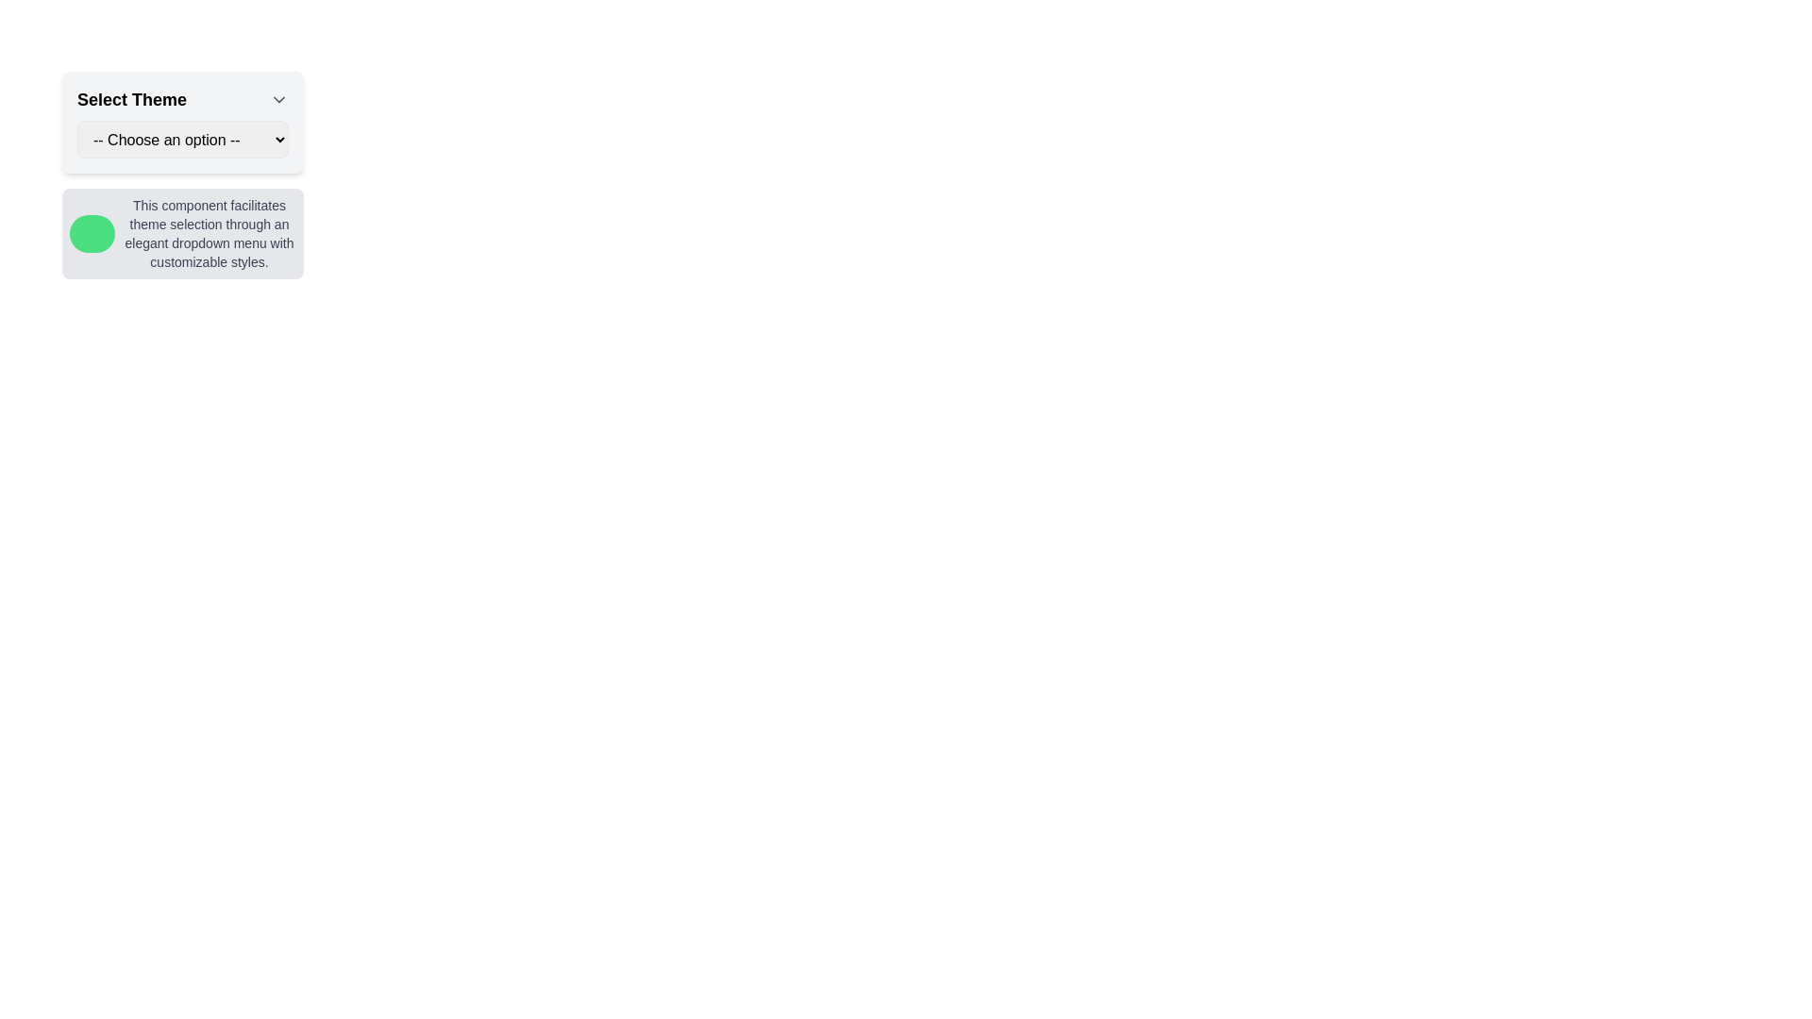 The height and width of the screenshot is (1019, 1812). What do you see at coordinates (182, 175) in the screenshot?
I see `the dropdown menu in the composite component that allows users to select themes, highlighting the options available` at bounding box center [182, 175].